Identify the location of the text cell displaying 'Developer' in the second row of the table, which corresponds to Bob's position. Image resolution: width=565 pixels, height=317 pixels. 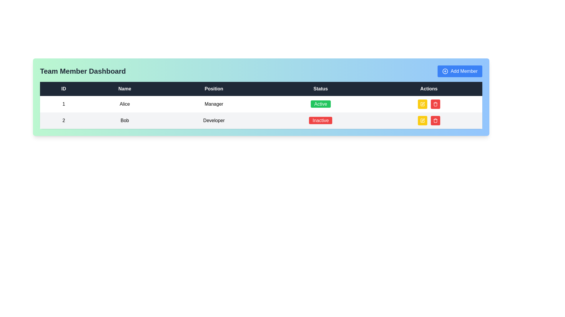
(214, 120).